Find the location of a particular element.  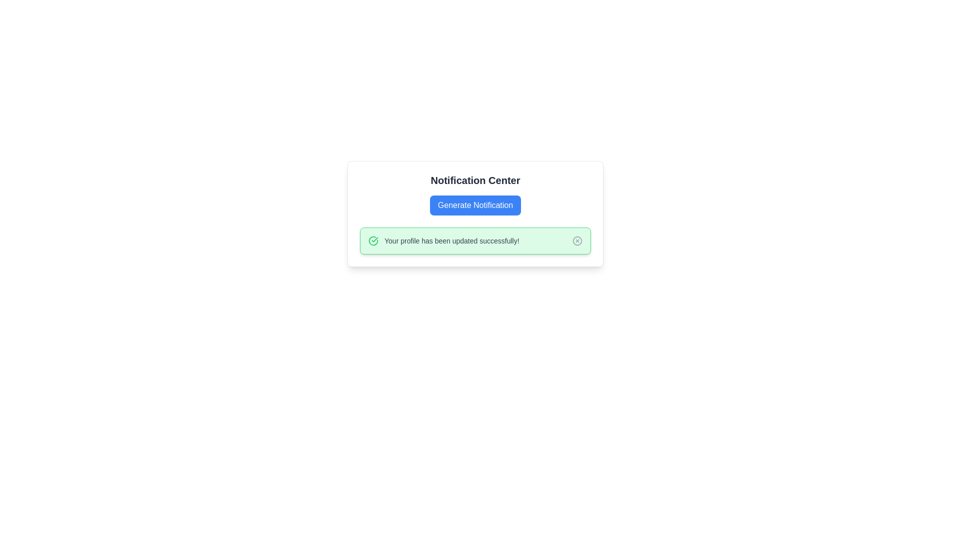

the success confirmation icon located in the notification box, which is the leftmost component representing the message 'Your profile has been updated successfully!' is located at coordinates (373, 241).